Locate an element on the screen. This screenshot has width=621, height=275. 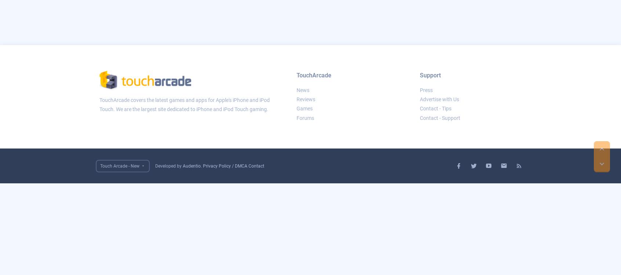
'News' is located at coordinates (302, 89).